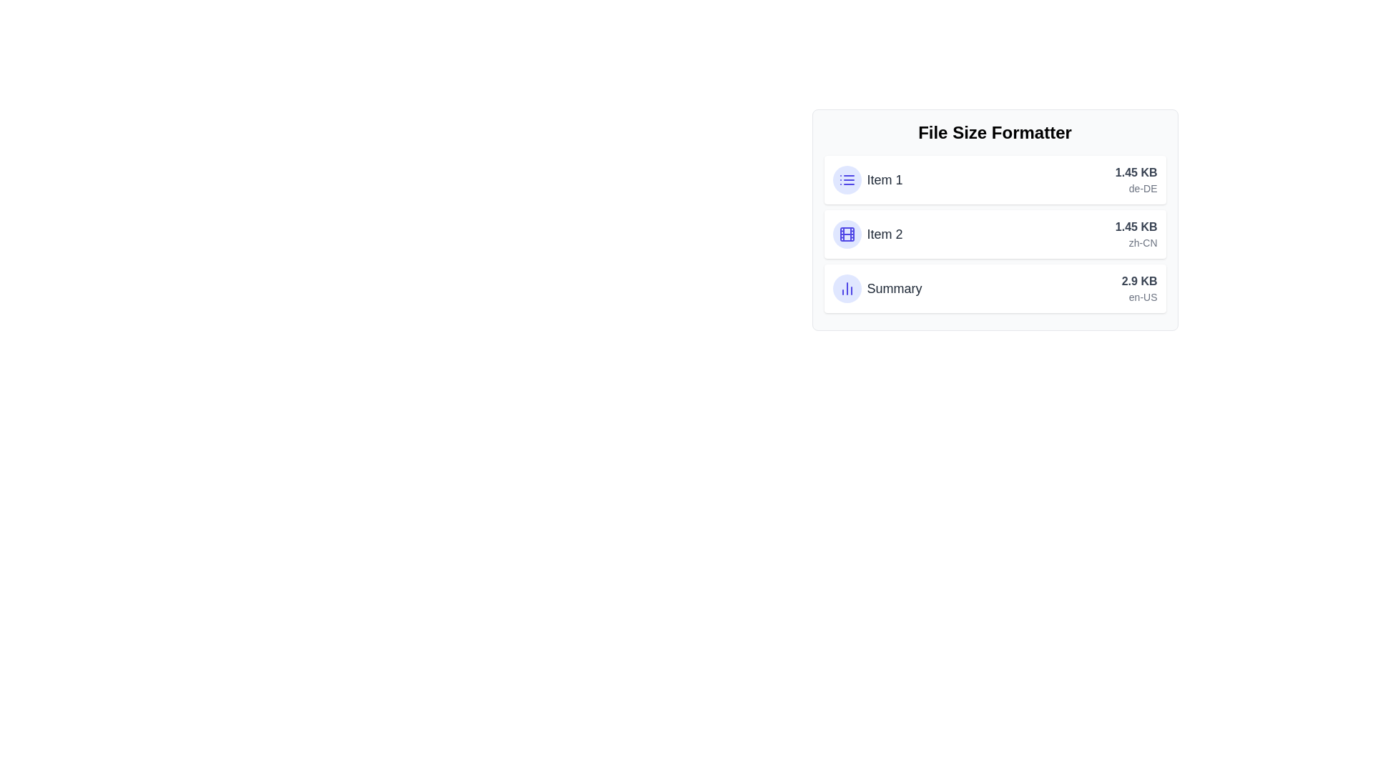 The image size is (1373, 772). What do you see at coordinates (1138, 297) in the screenshot?
I see `the 'en-US' text label located in the bottom-right section of the 'Summary' row in the 'File Size Formatter' panel, which acts as a localization indicator for the language associated with the 'Summary' data row` at bounding box center [1138, 297].